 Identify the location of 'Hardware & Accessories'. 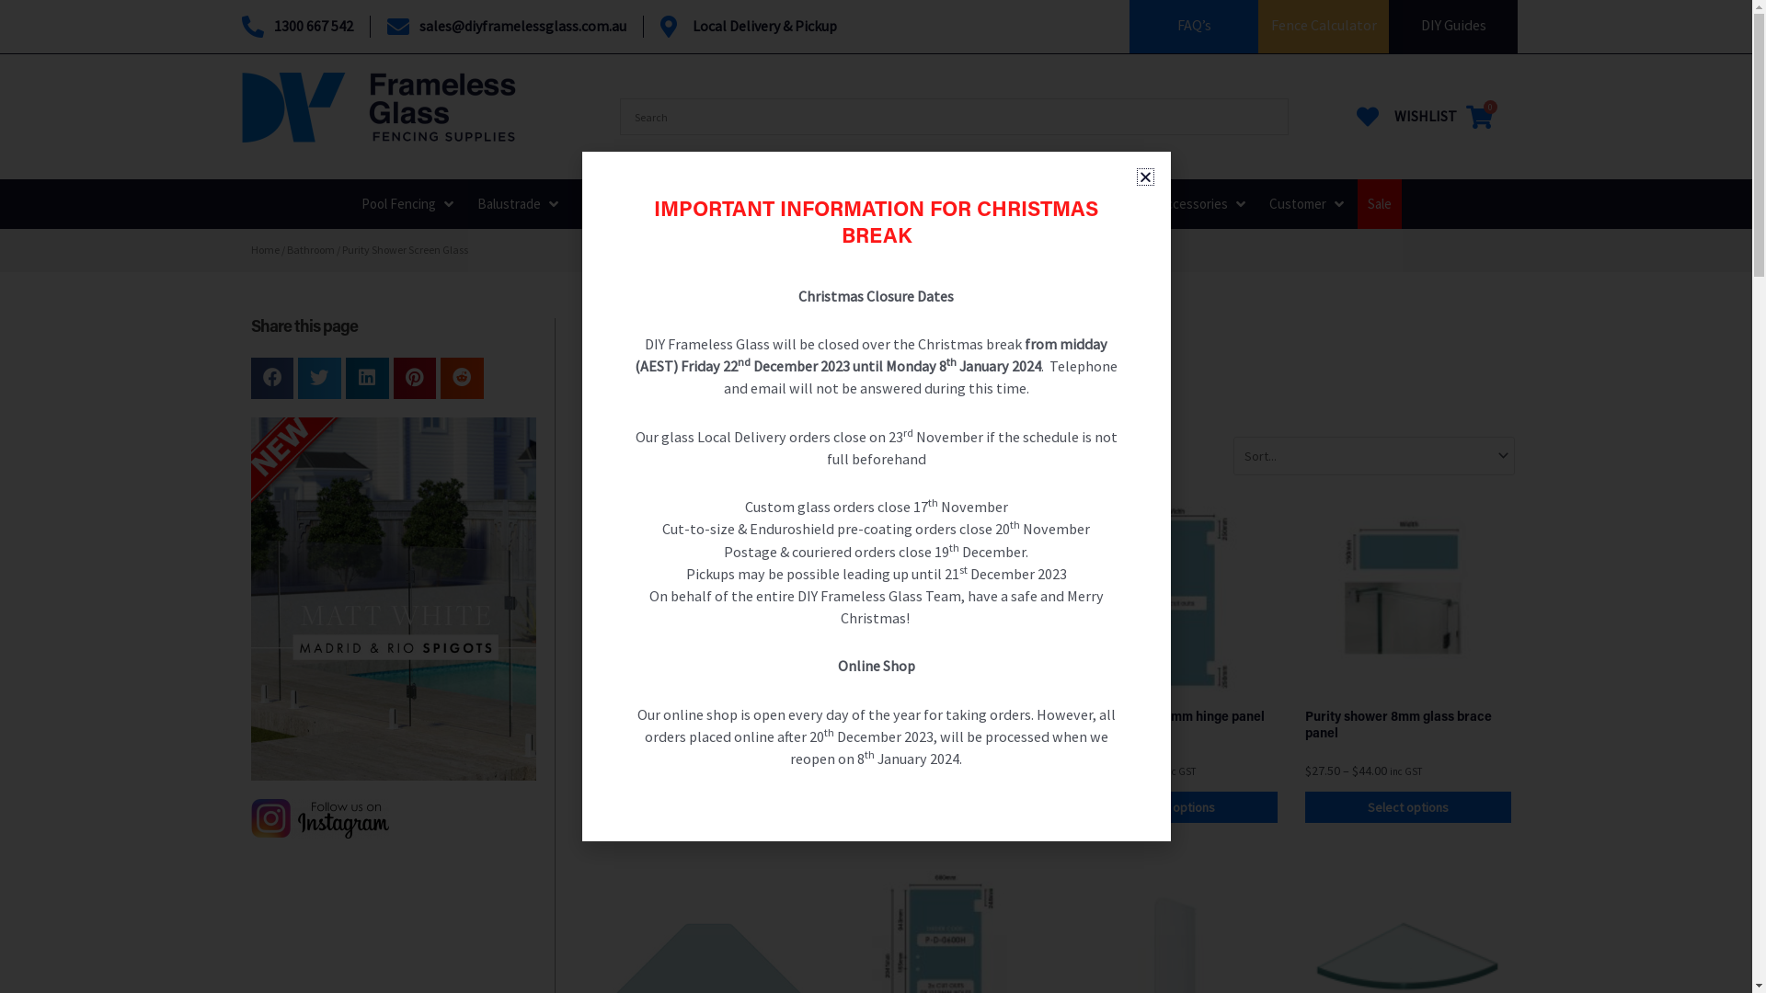
(1089, 204).